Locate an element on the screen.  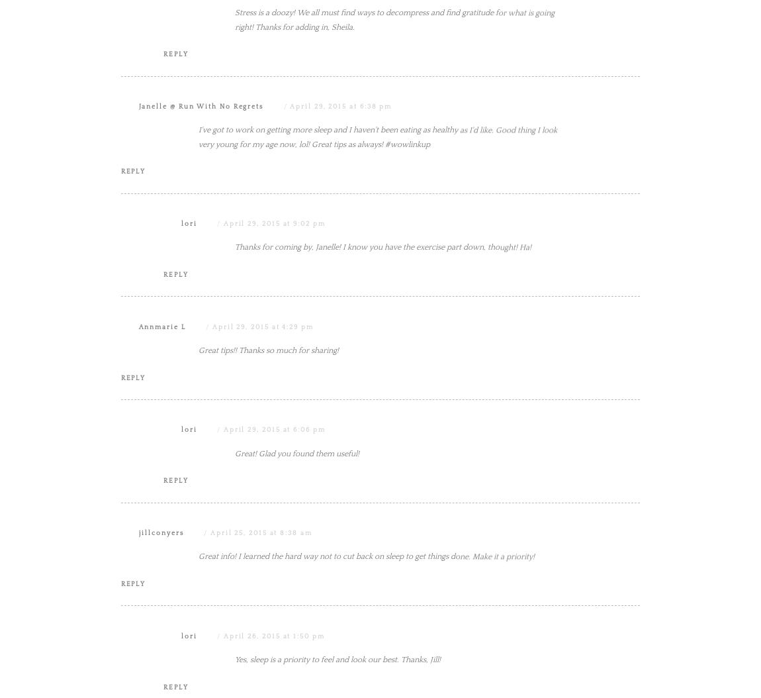
'April 29, 2015 at 8:43 pm' is located at coordinates (281, 5).